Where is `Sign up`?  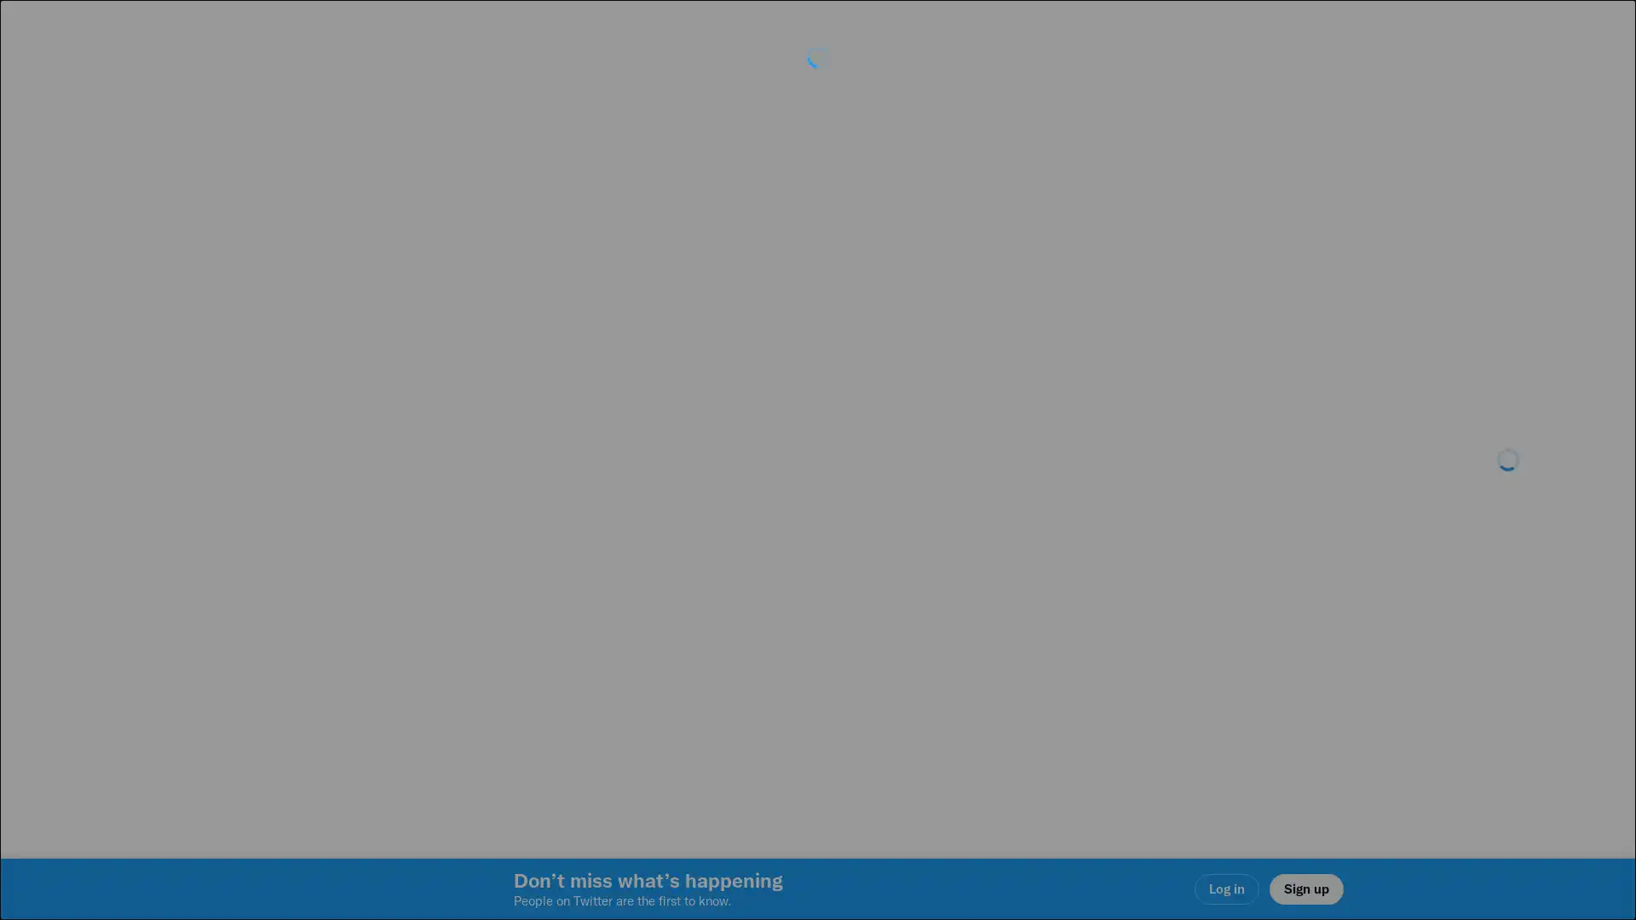
Sign up is located at coordinates (615, 580).